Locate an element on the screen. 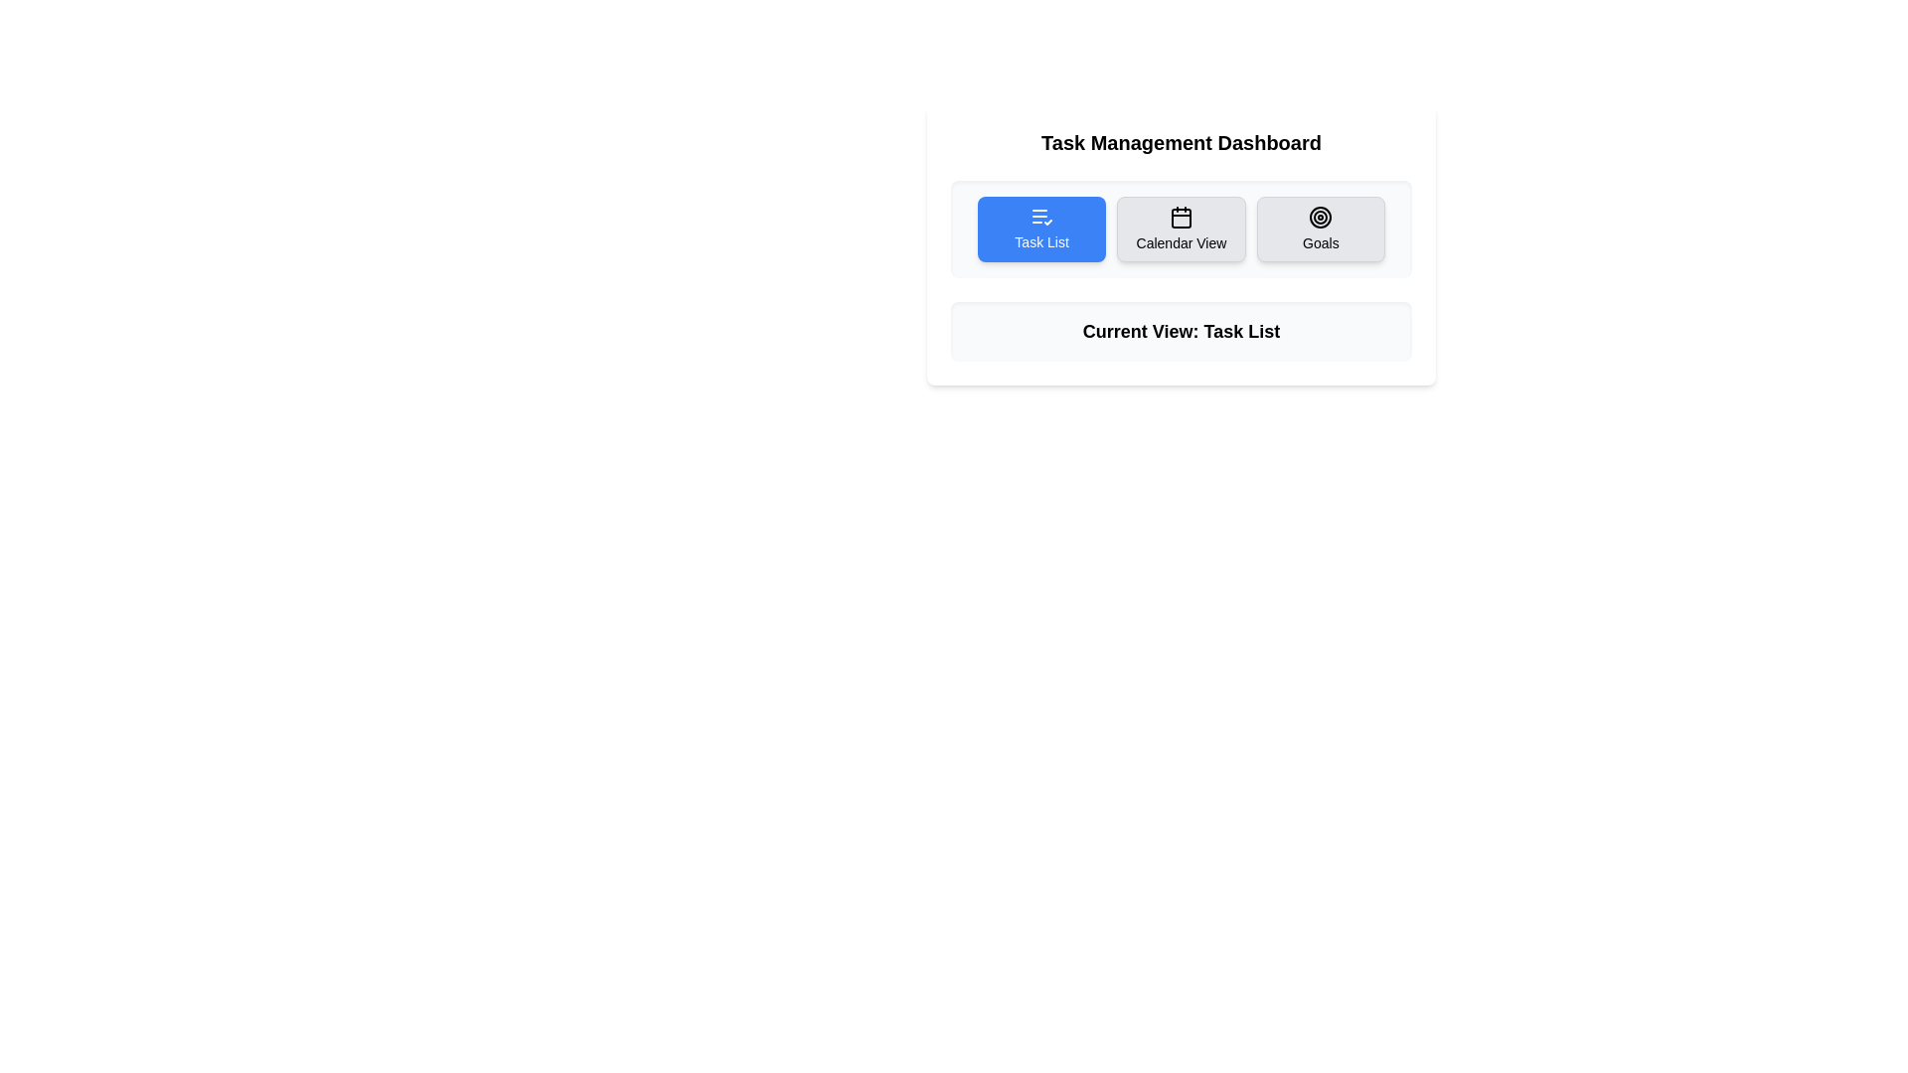 The width and height of the screenshot is (1908, 1073). the blue button with white text labeled 'Task List', which is the leftmost button in a set of three options under the 'Task Management Dashboard' heading is located at coordinates (1040, 229).